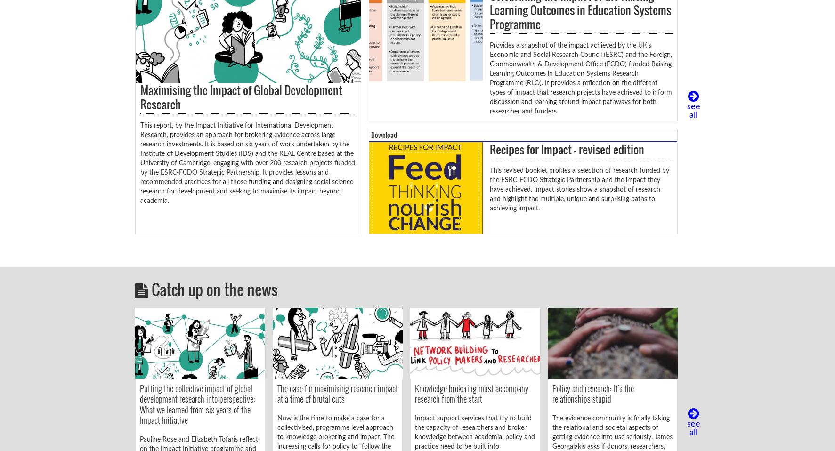 This screenshot has width=835, height=451. What do you see at coordinates (470, 393) in the screenshot?
I see `'Knowledge brokering must accompany research from the start'` at bounding box center [470, 393].